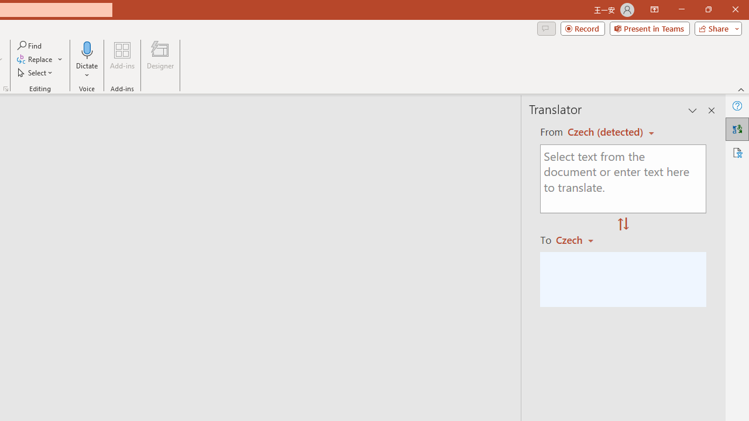 The width and height of the screenshot is (749, 421). I want to click on 'Swap "from" and "to" languages.', so click(623, 225).